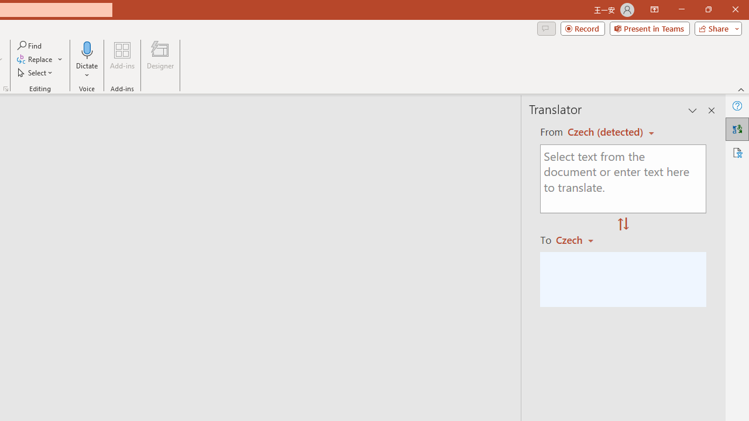 The width and height of the screenshot is (749, 421). I want to click on 'Swap "from" and "to" languages.', so click(623, 225).